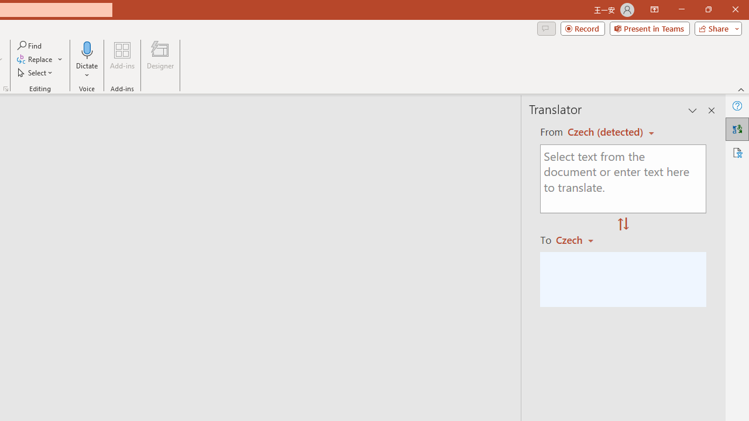 The width and height of the screenshot is (749, 421). I want to click on 'Swap "from" and "to" languages.', so click(623, 225).